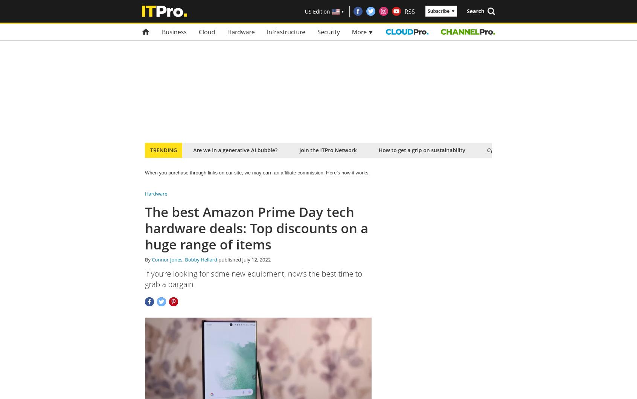 The width and height of the screenshot is (637, 399). What do you see at coordinates (235, 150) in the screenshot?
I see `'Are we in a generative AI bubble?'` at bounding box center [235, 150].